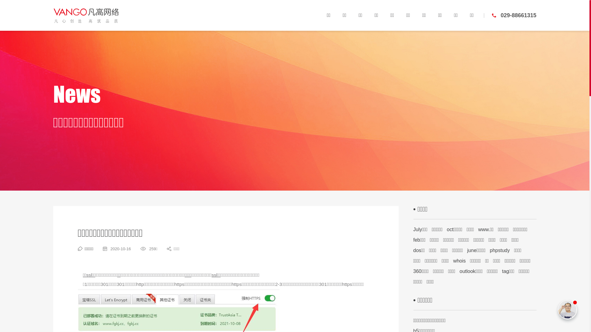 The image size is (591, 332). What do you see at coordinates (459, 261) in the screenshot?
I see `'whois'` at bounding box center [459, 261].